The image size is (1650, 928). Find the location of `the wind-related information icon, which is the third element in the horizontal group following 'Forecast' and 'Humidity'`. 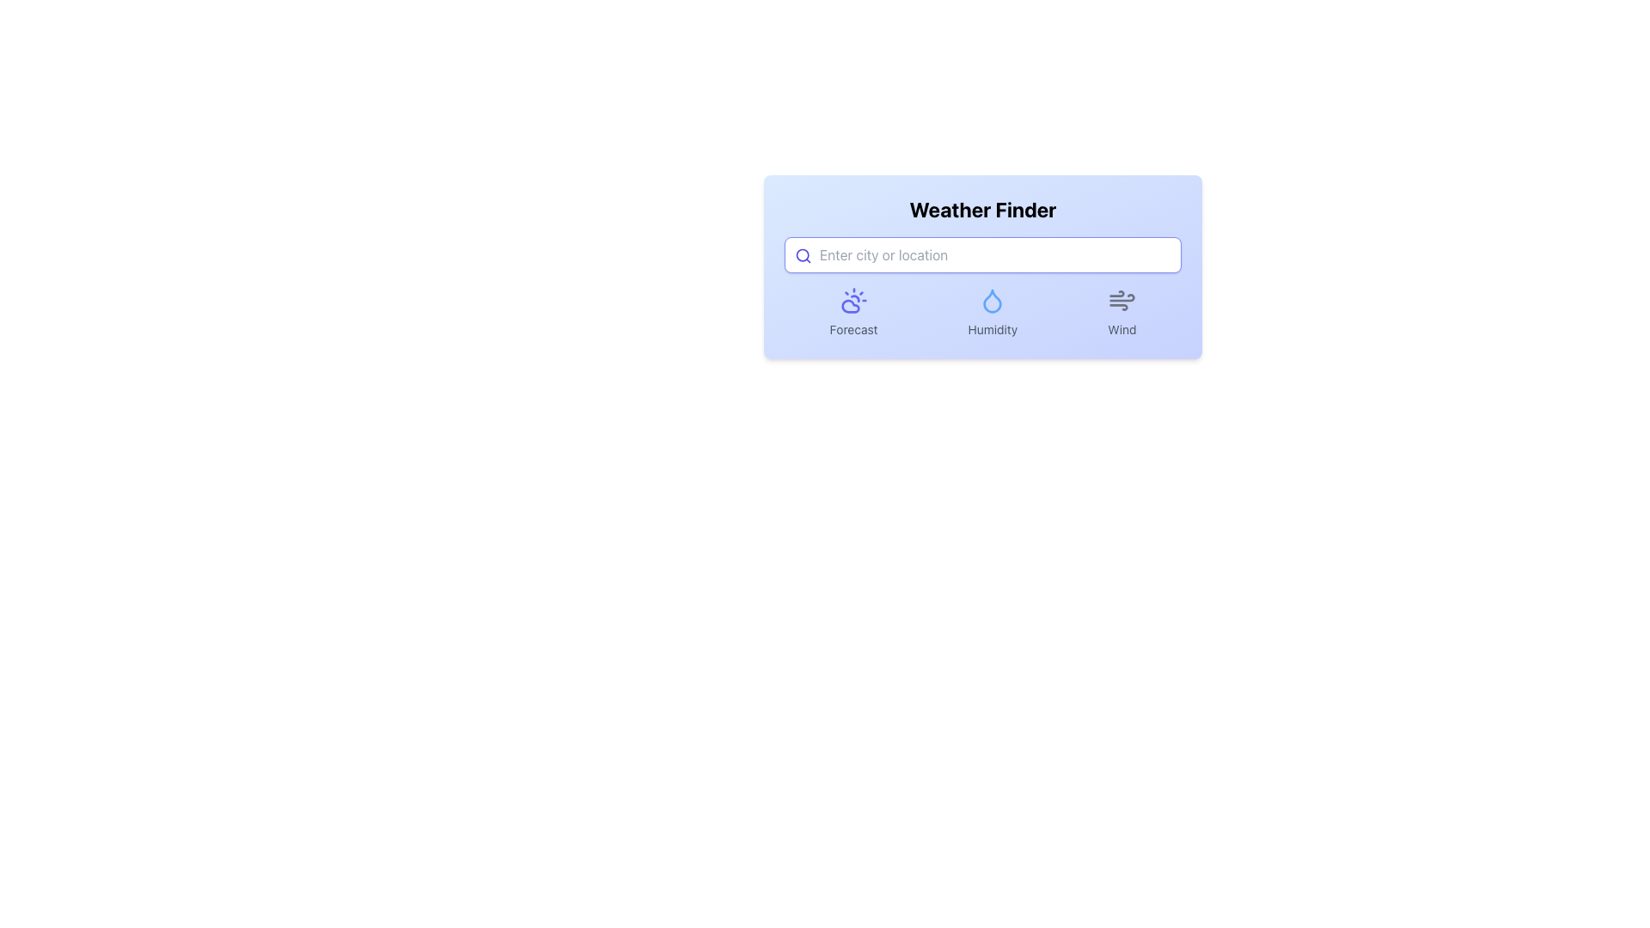

the wind-related information icon, which is the third element in the horizontal group following 'Forecast' and 'Humidity' is located at coordinates (1121, 312).